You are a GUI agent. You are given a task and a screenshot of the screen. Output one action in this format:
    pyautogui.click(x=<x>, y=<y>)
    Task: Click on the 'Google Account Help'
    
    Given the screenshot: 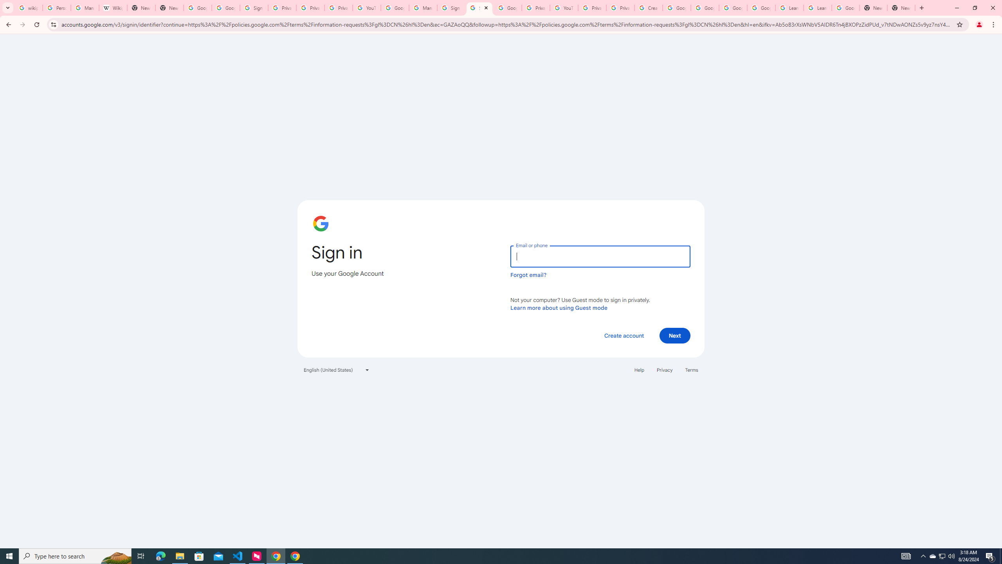 What is the action you would take?
    pyautogui.click(x=732, y=7)
    